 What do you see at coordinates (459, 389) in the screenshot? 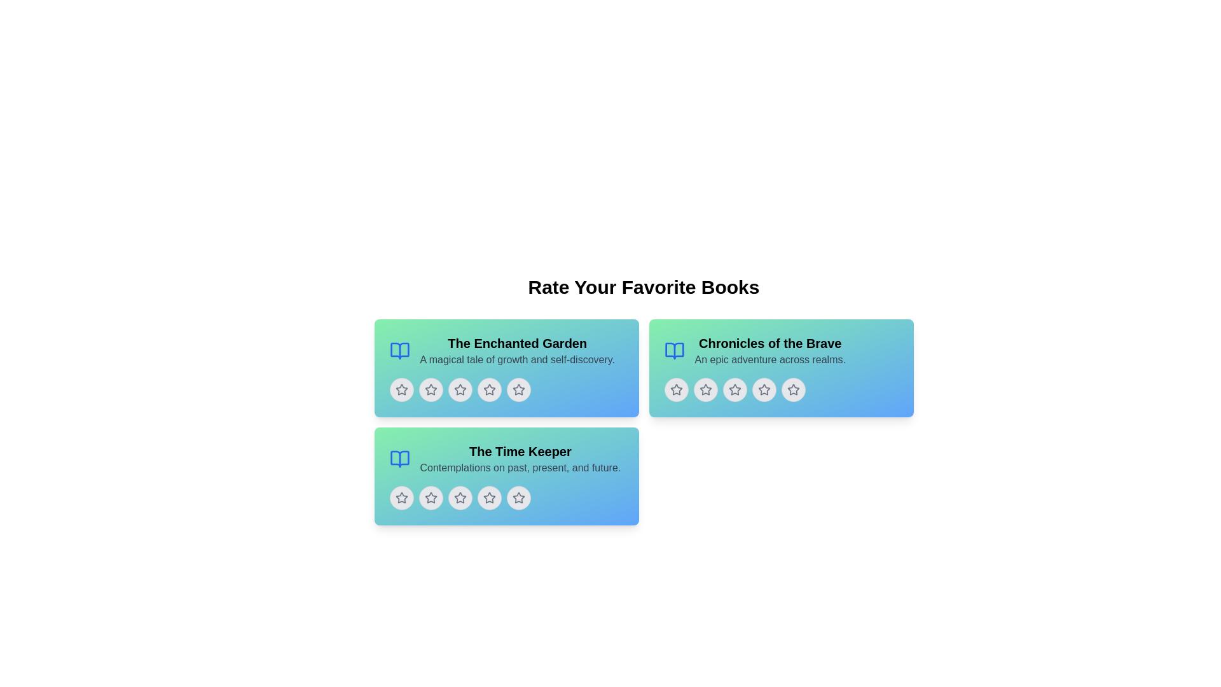
I see `the second rating star icon in the card titled 'The Enchanted Garden'` at bounding box center [459, 389].